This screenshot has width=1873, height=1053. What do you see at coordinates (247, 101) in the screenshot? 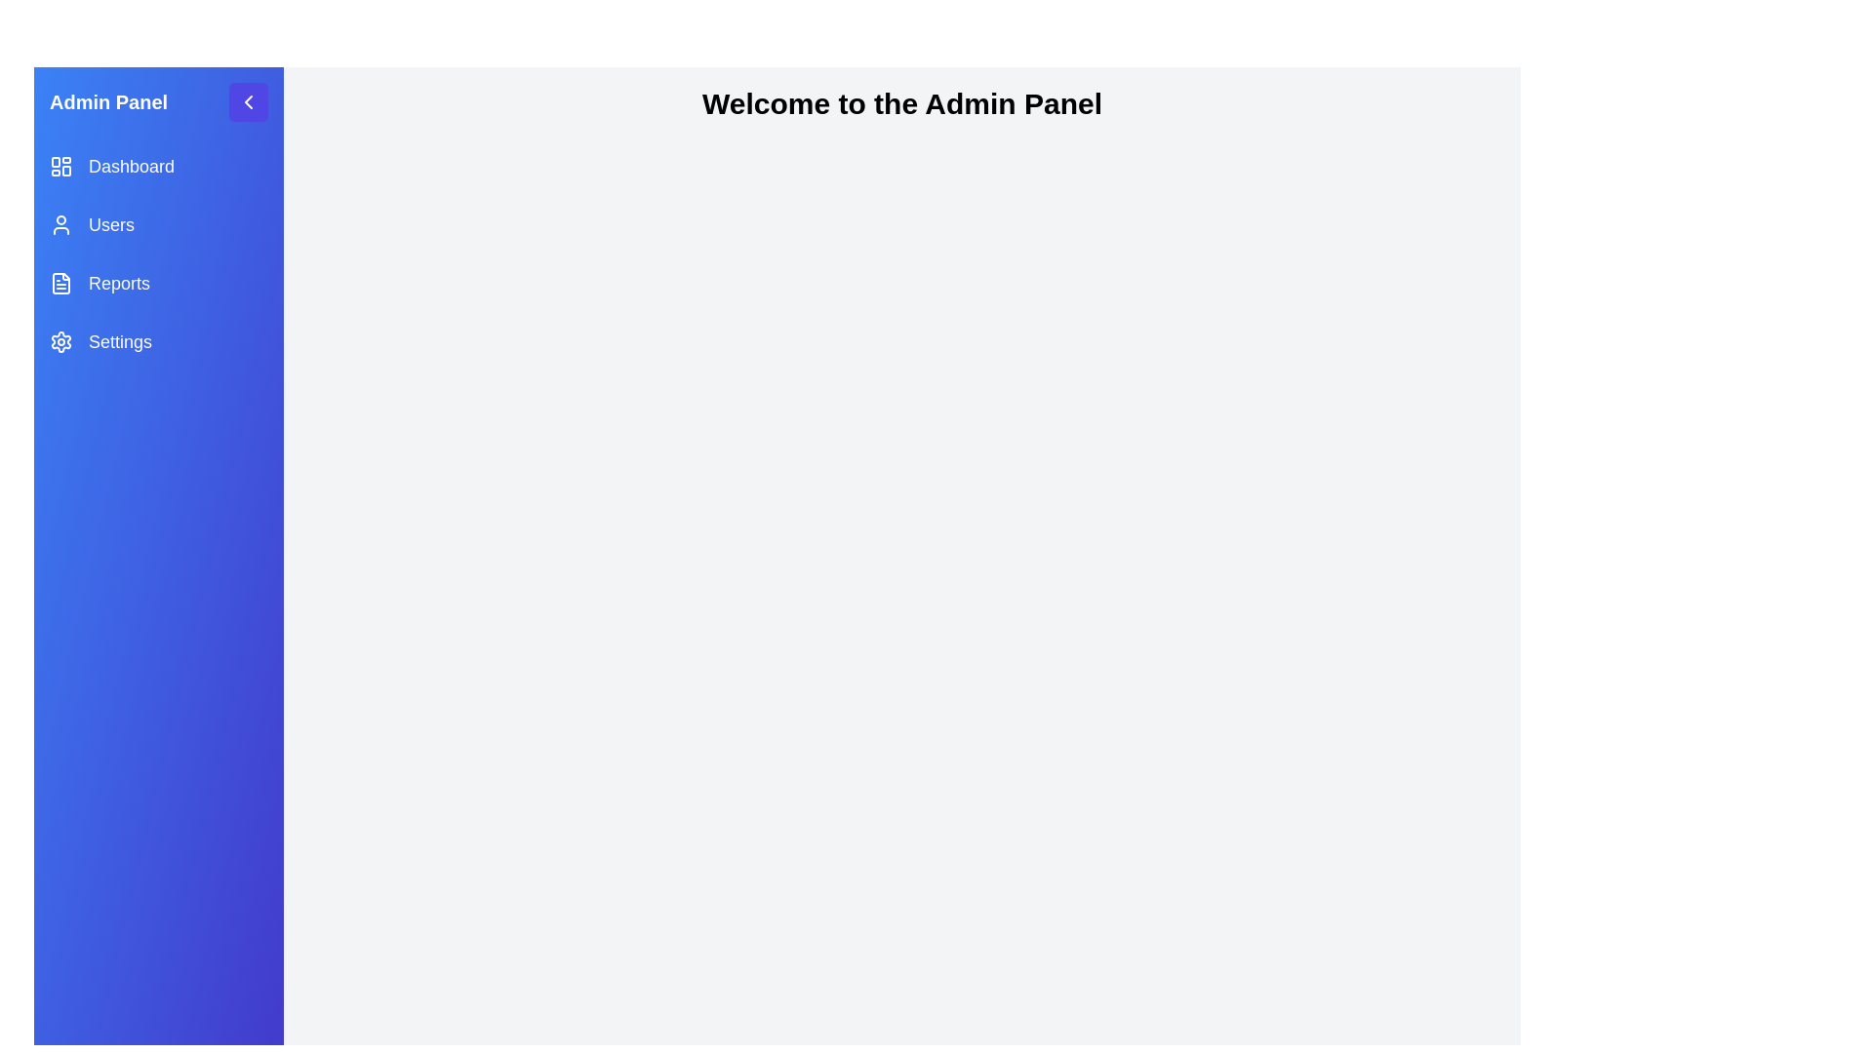
I see `the Icon (Chevron Left) located in the top-left corner of the interface within the blue sidebar panel` at bounding box center [247, 101].